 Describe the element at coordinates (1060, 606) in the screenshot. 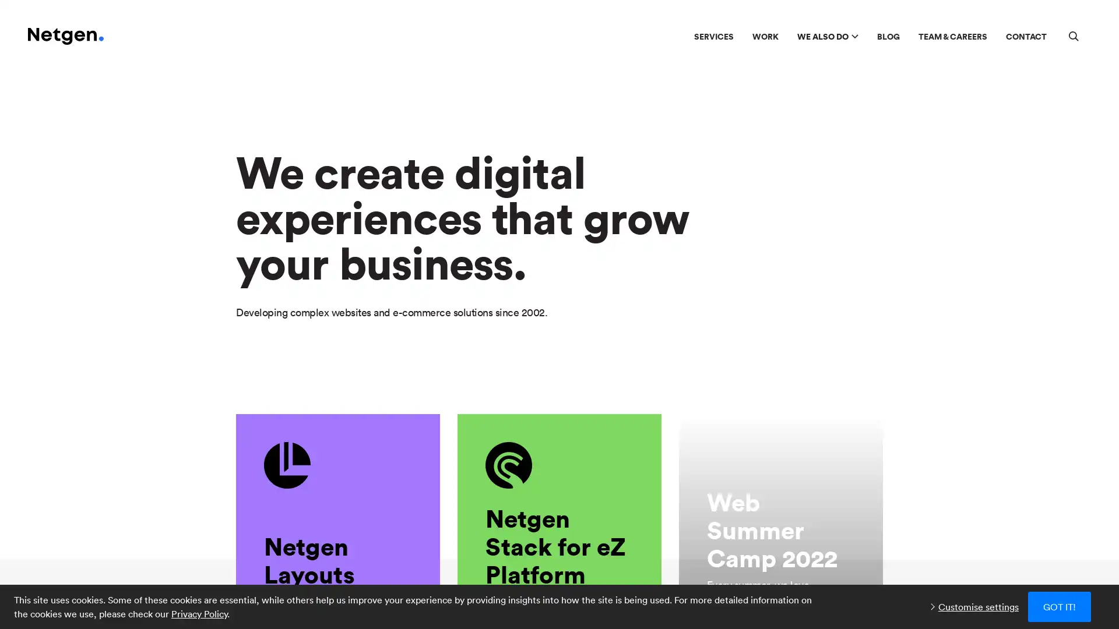

I see `GOT IT!` at that location.